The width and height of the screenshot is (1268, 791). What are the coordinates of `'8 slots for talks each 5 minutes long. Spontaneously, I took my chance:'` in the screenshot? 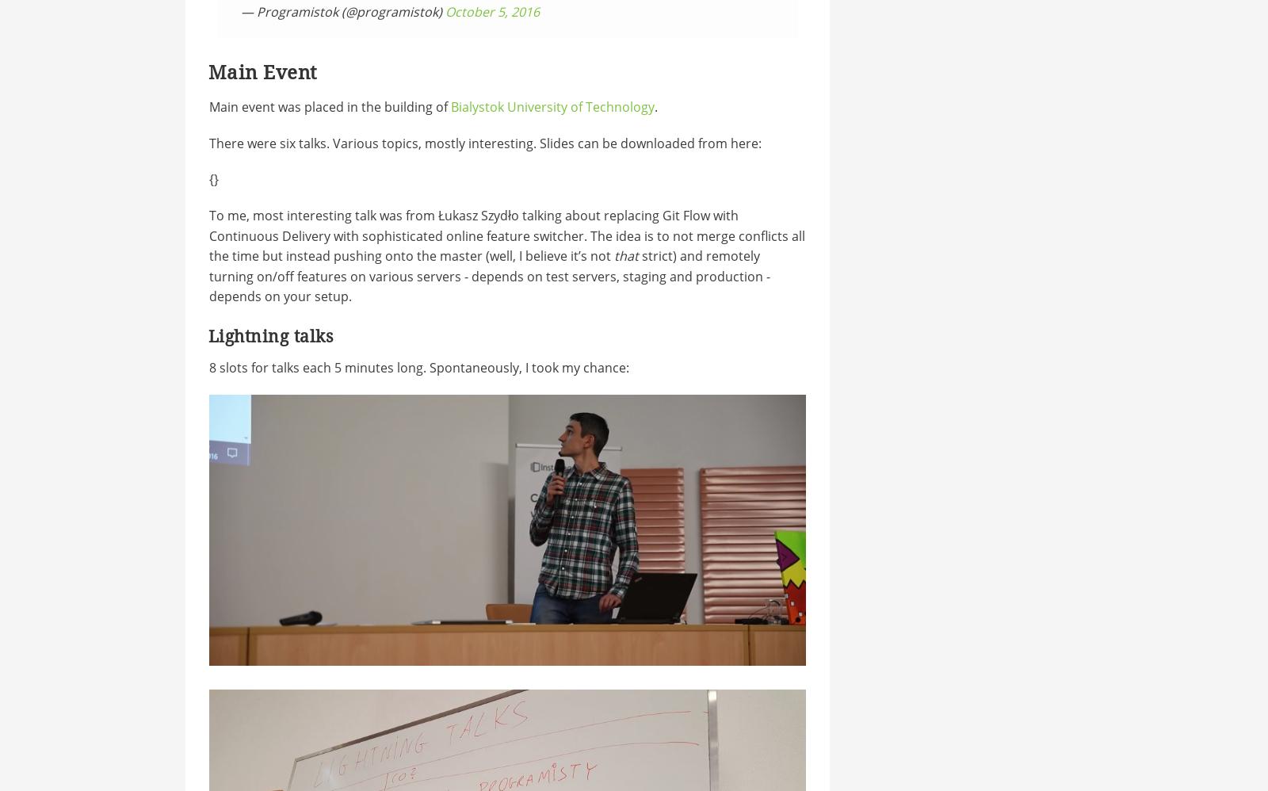 It's located at (208, 366).